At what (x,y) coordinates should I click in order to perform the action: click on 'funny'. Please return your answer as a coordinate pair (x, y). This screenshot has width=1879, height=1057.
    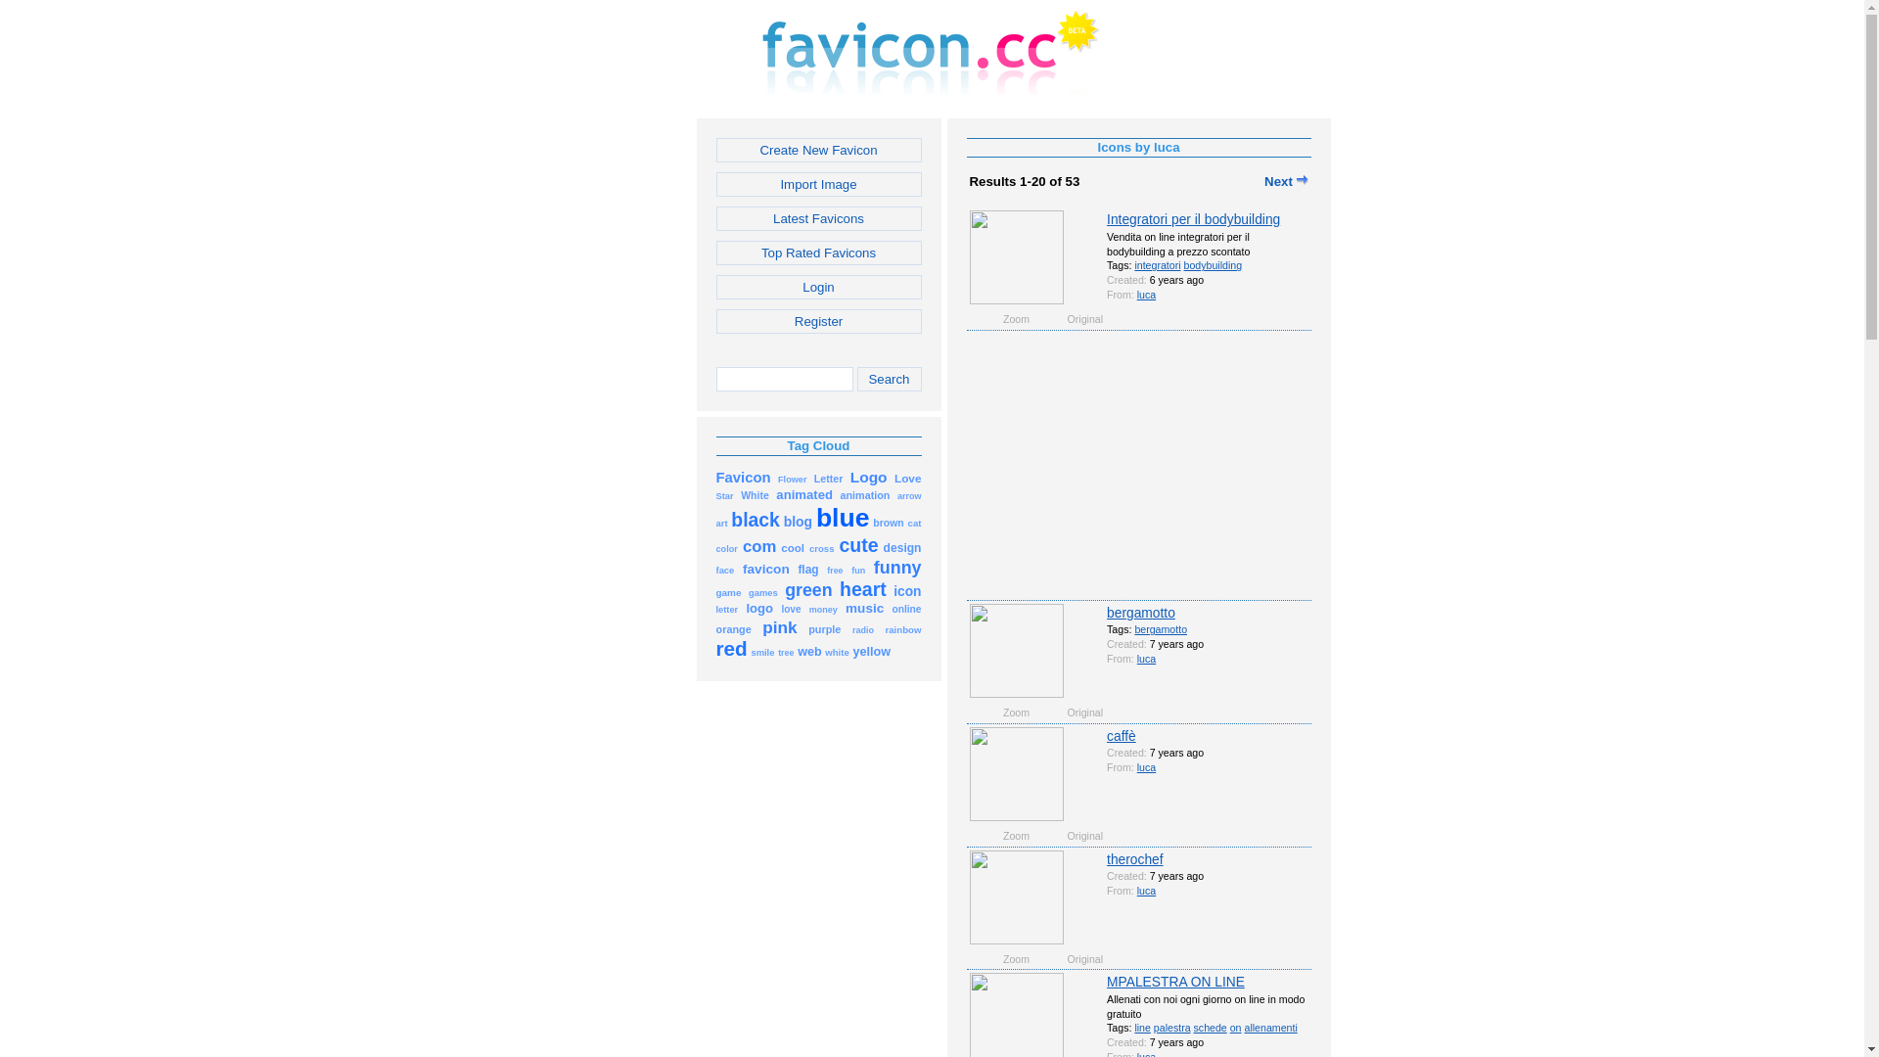
    Looking at the image, I should click on (896, 569).